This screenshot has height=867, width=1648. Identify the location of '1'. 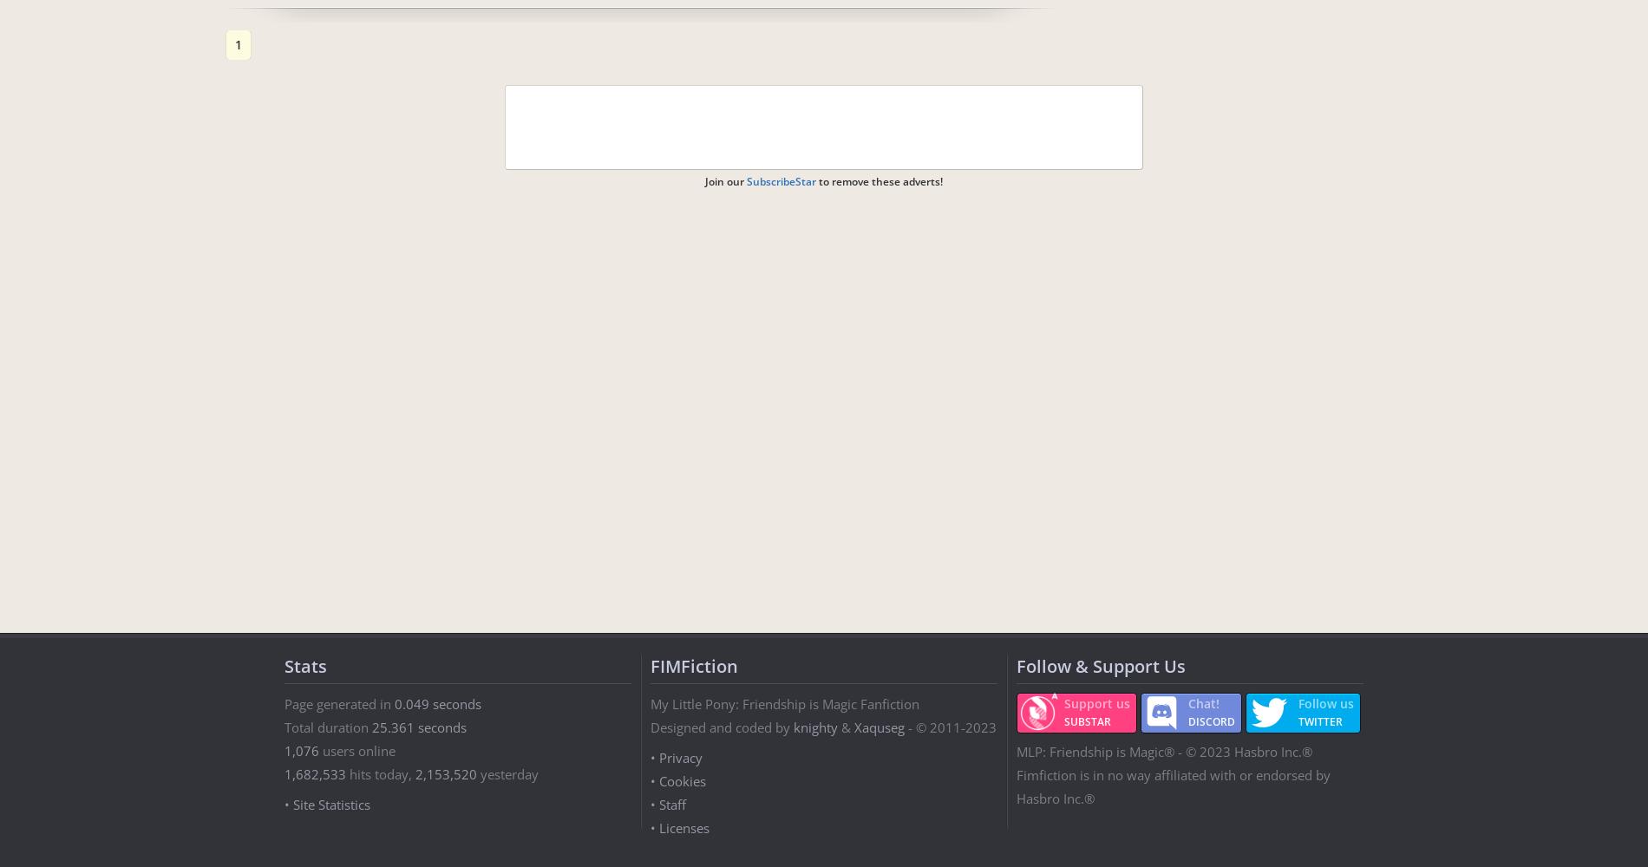
(236, 44).